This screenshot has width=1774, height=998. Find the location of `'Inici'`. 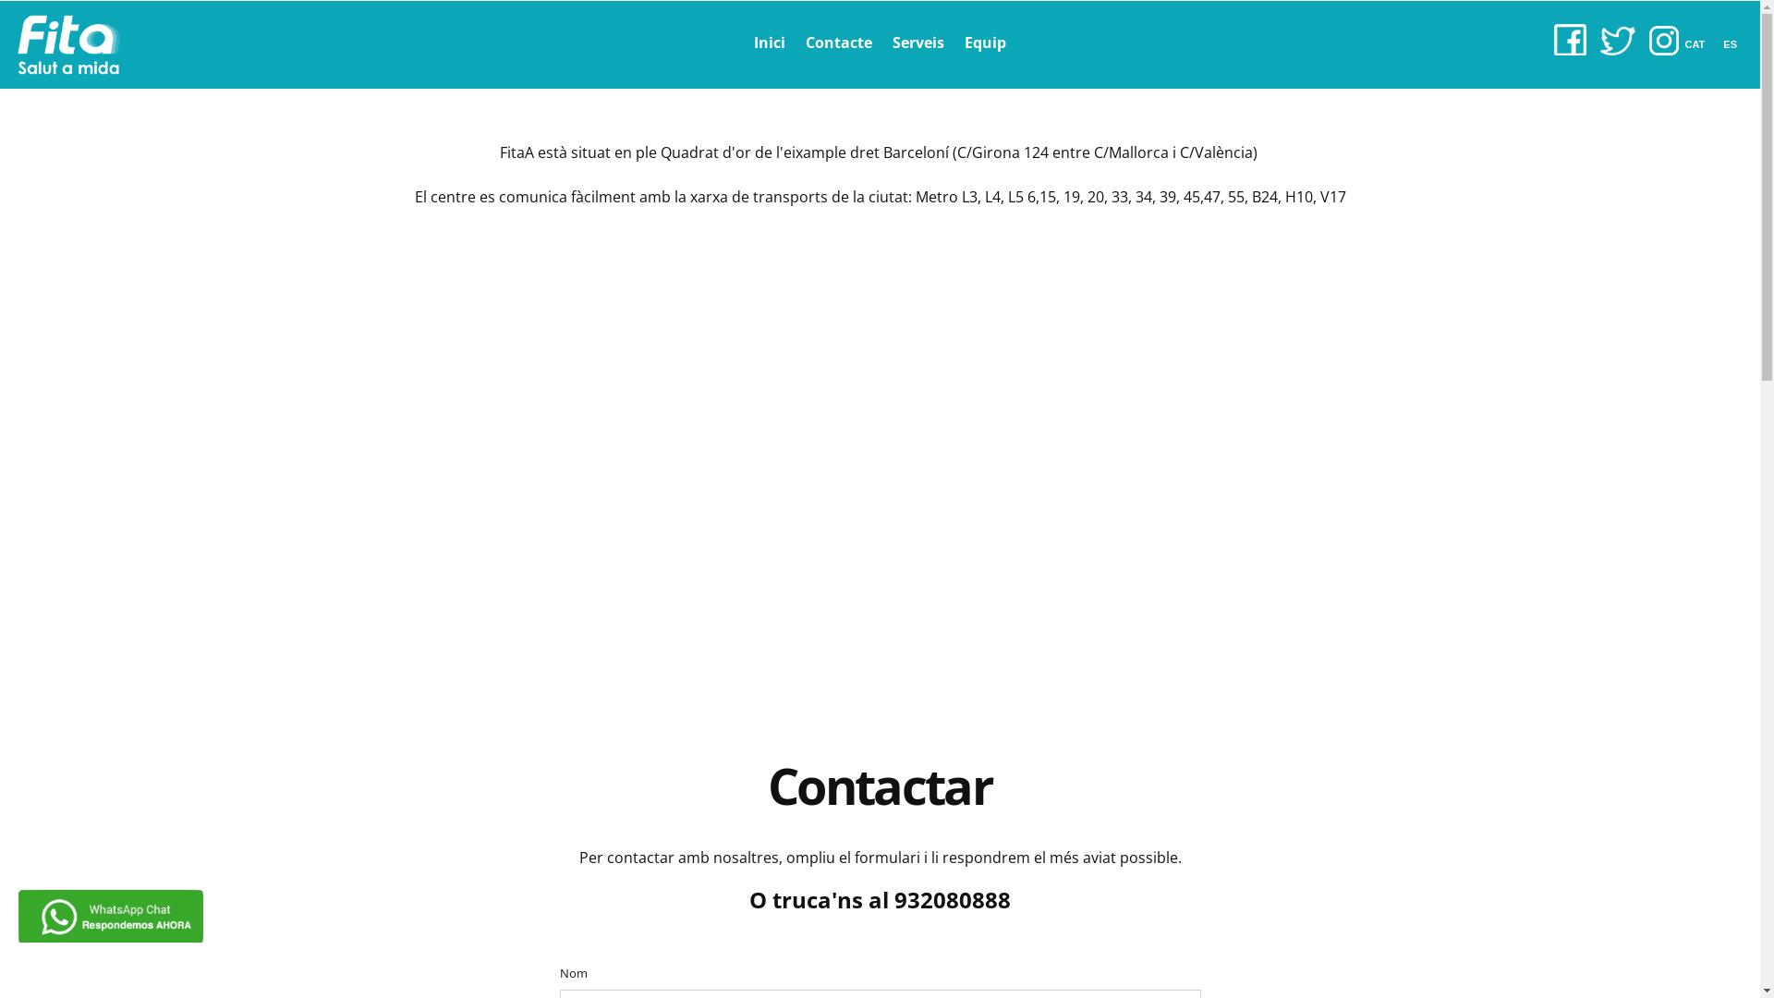

'Inici' is located at coordinates (770, 42).